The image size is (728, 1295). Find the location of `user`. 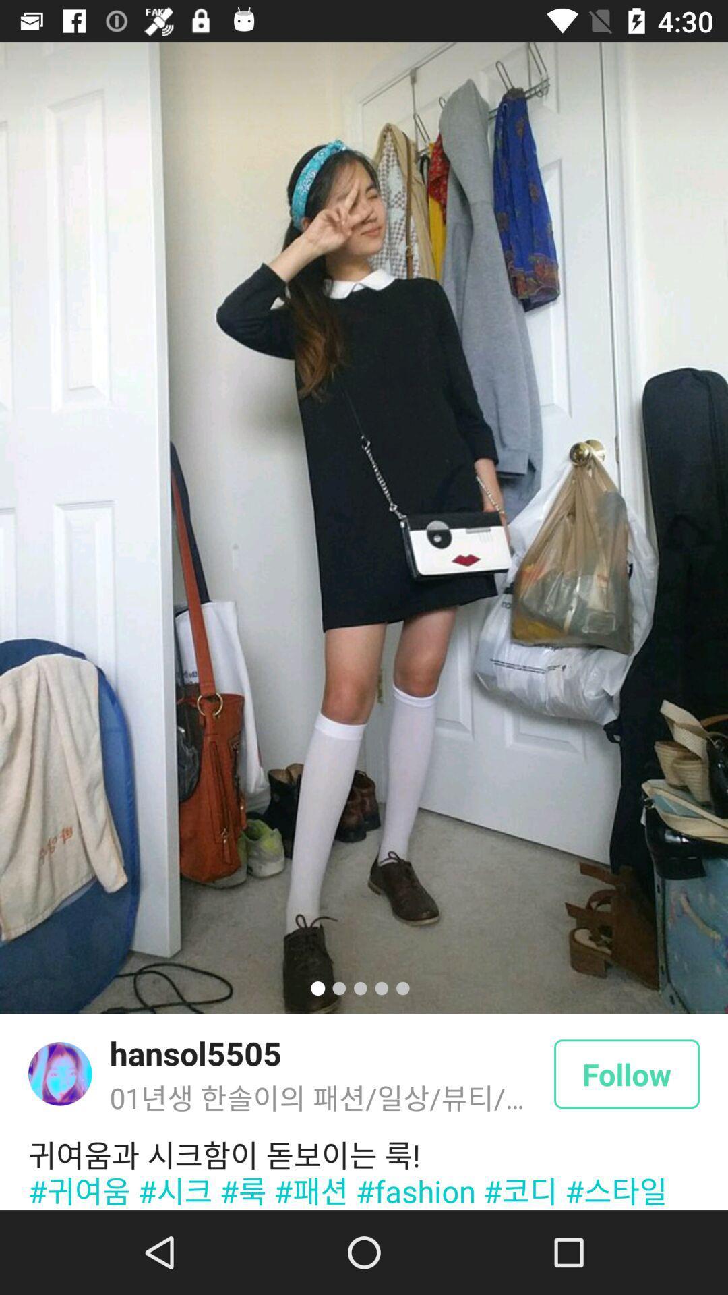

user is located at coordinates (59, 1073).